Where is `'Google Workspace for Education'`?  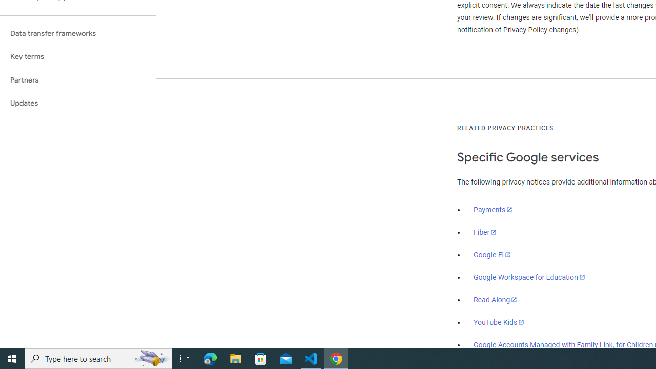
'Google Workspace for Education' is located at coordinates (529, 277).